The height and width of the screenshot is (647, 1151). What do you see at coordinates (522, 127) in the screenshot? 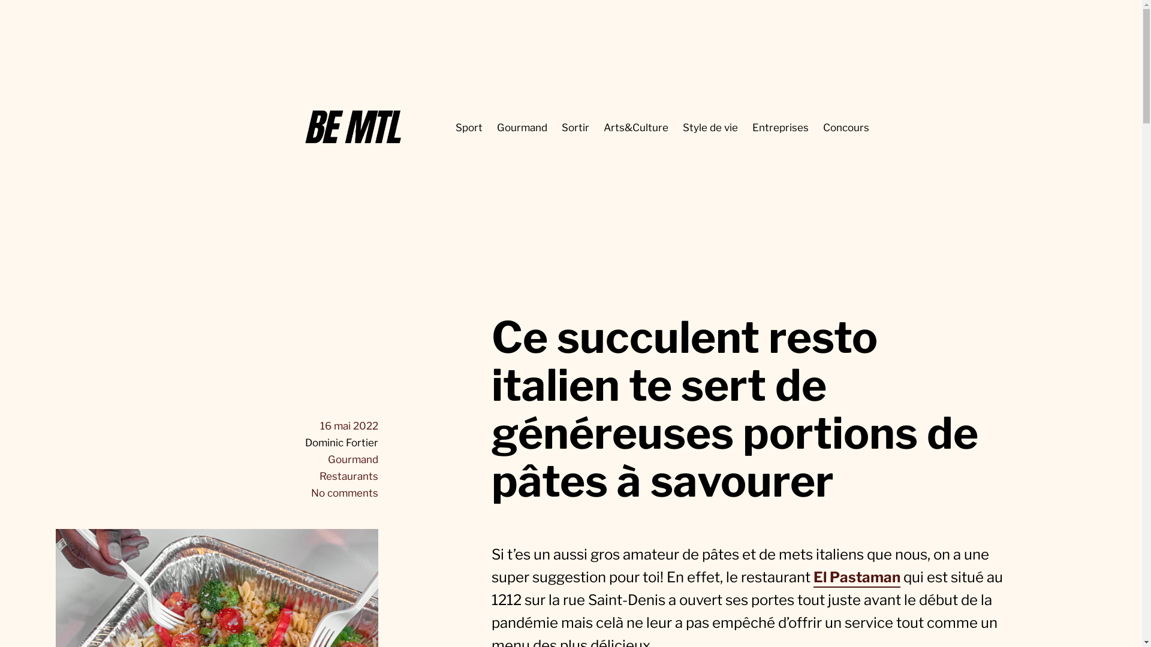
I see `'Gourmand'` at bounding box center [522, 127].